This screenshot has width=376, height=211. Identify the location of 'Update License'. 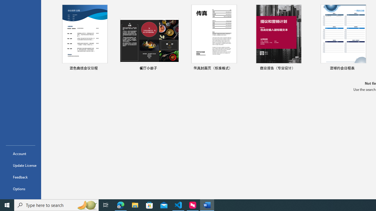
(20, 165).